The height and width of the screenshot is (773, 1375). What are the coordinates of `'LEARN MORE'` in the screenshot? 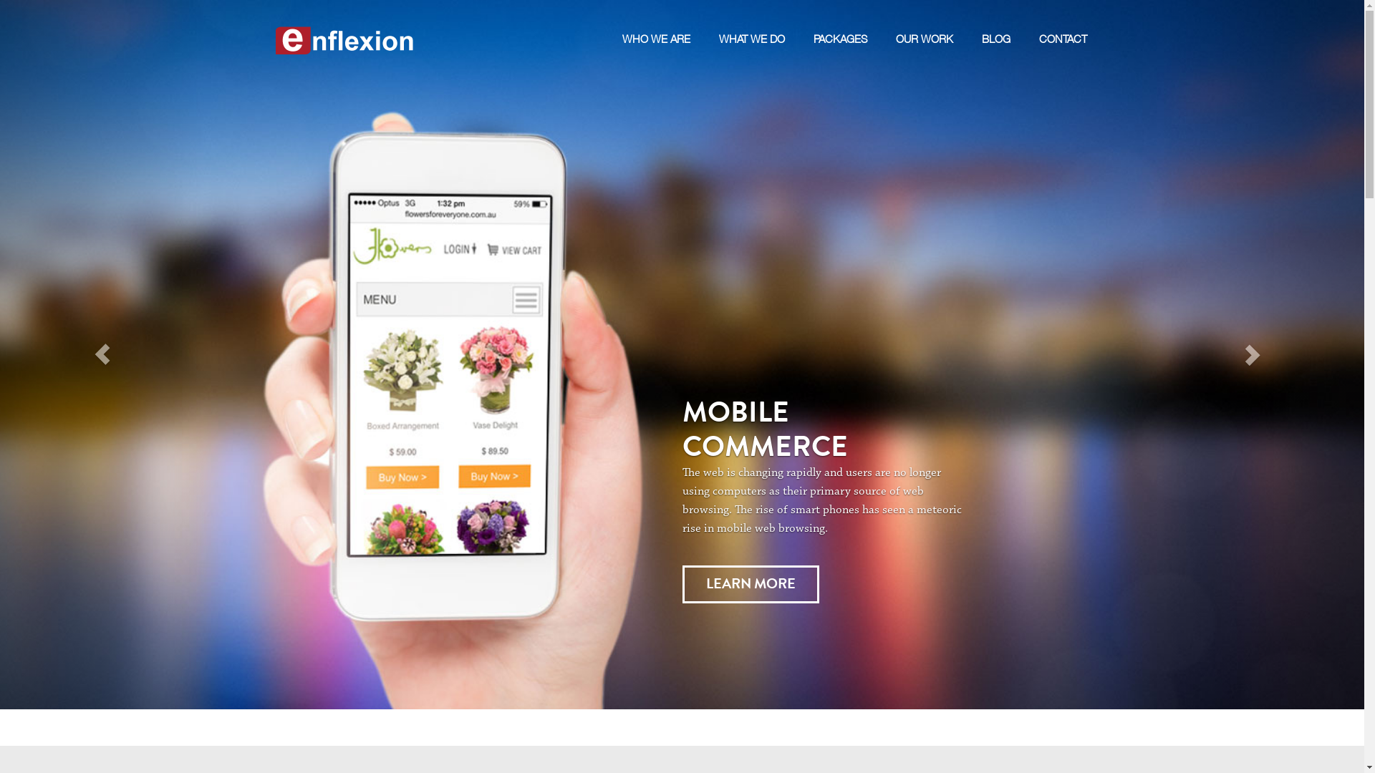 It's located at (749, 584).